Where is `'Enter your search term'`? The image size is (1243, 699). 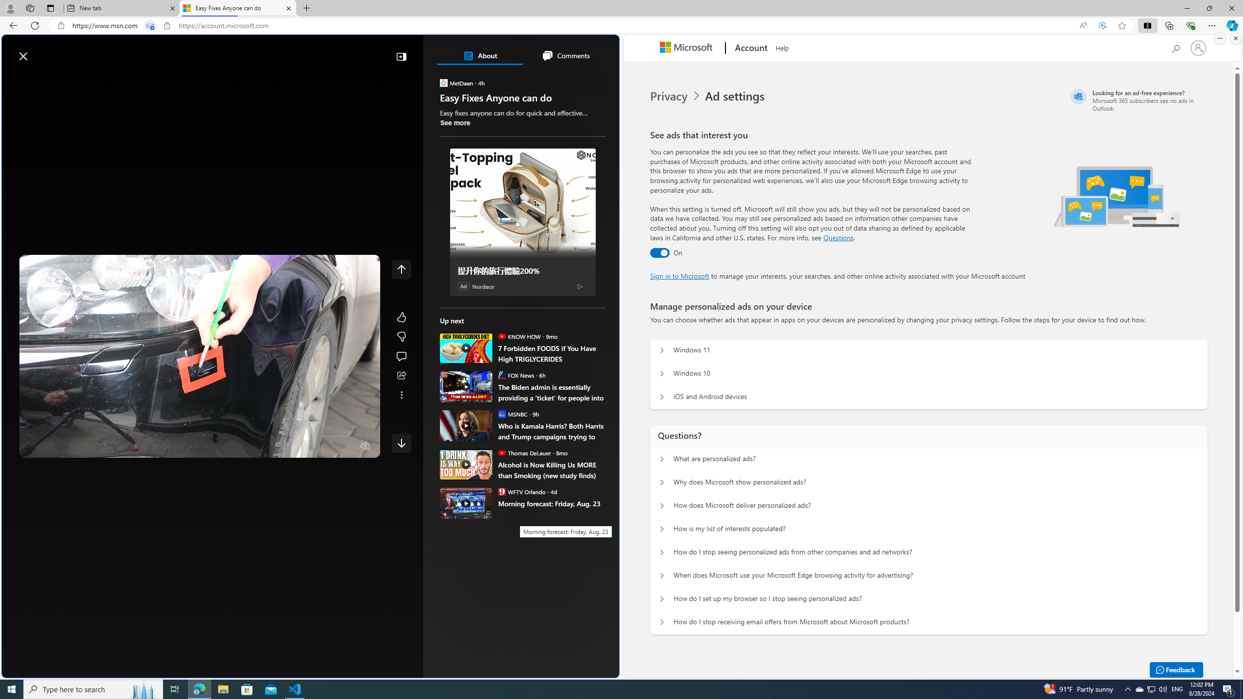
'Enter your search term' is located at coordinates (313, 50).